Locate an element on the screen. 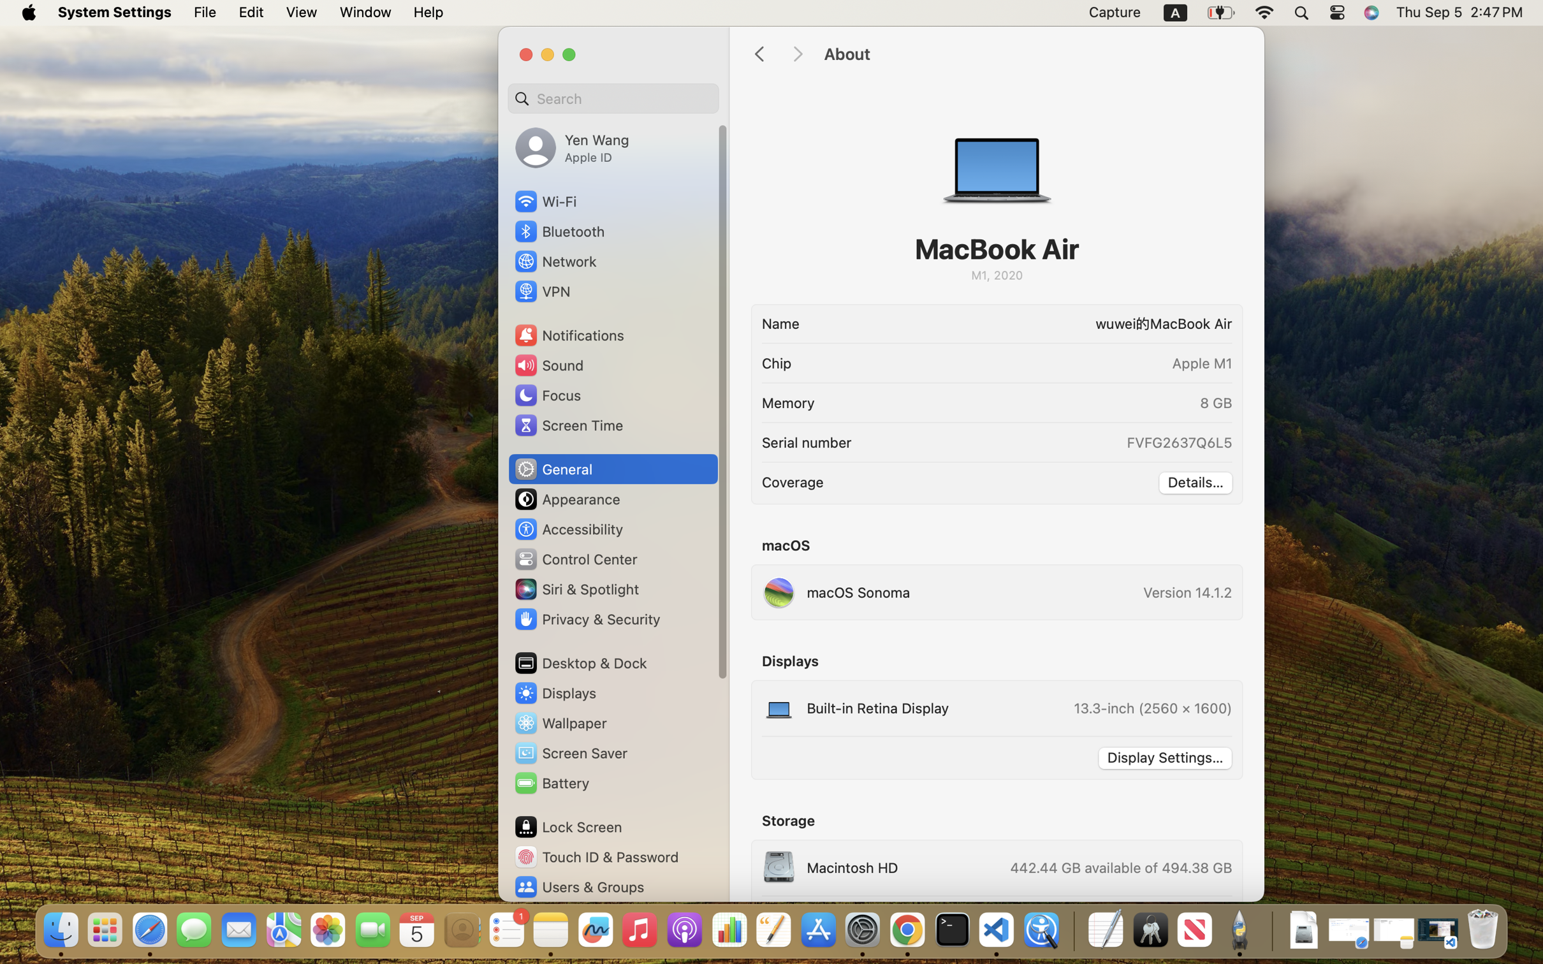 The height and width of the screenshot is (964, 1543). 'Users & Groups' is located at coordinates (578, 887).